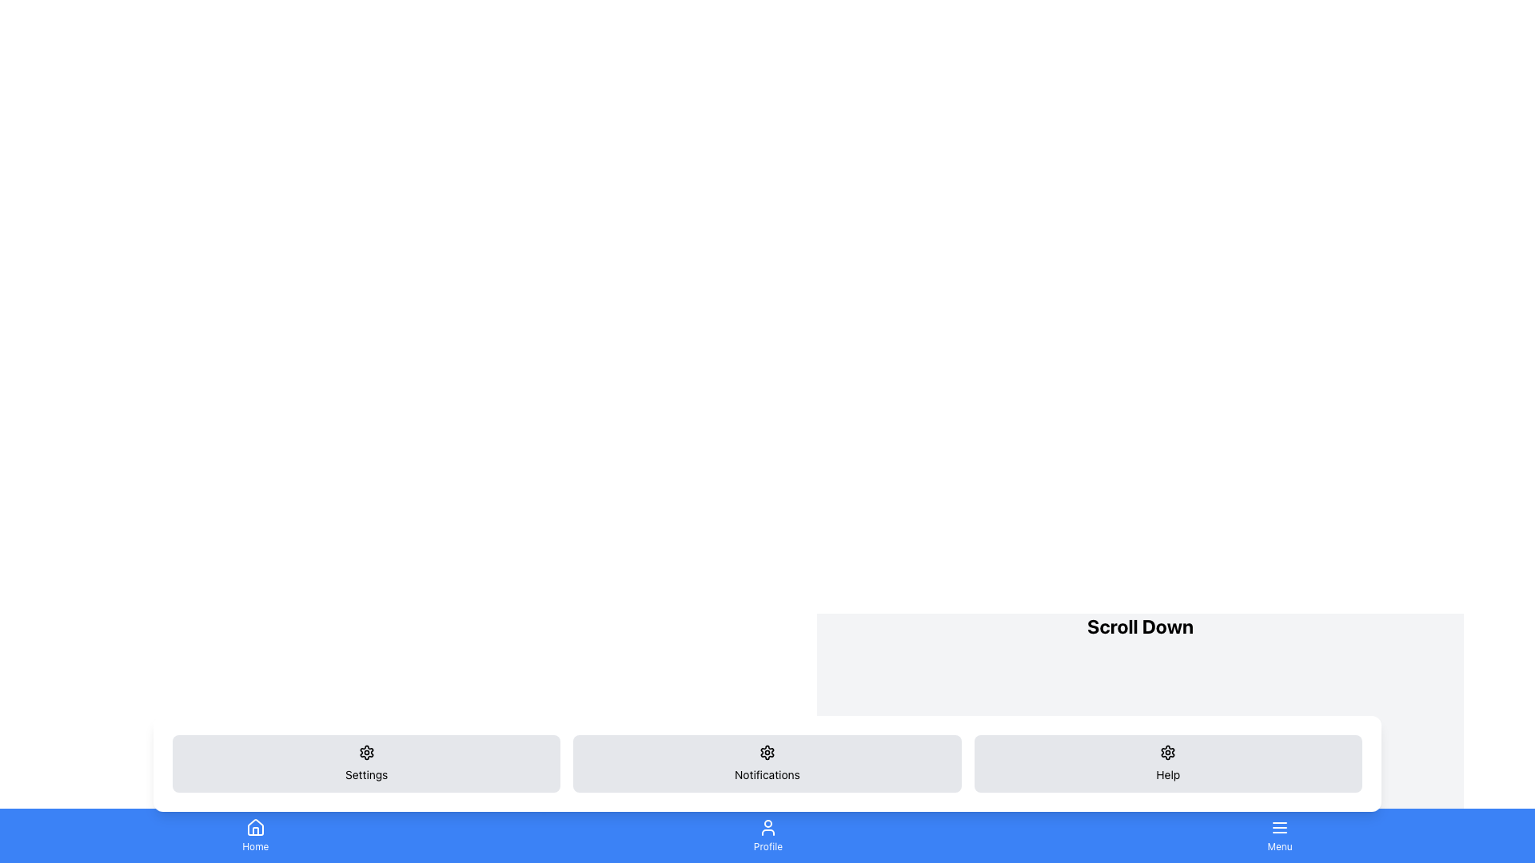  Describe the element at coordinates (767, 834) in the screenshot. I see `the navigation button located at the center of the bottom navigation bar` at that location.